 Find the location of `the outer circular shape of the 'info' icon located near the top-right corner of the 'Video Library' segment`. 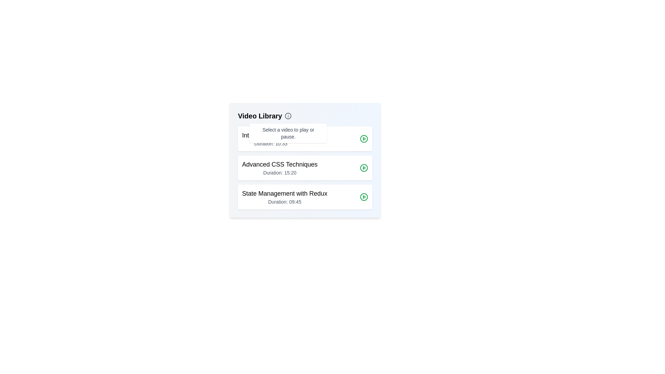

the outer circular shape of the 'info' icon located near the top-right corner of the 'Video Library' segment is located at coordinates (288, 116).